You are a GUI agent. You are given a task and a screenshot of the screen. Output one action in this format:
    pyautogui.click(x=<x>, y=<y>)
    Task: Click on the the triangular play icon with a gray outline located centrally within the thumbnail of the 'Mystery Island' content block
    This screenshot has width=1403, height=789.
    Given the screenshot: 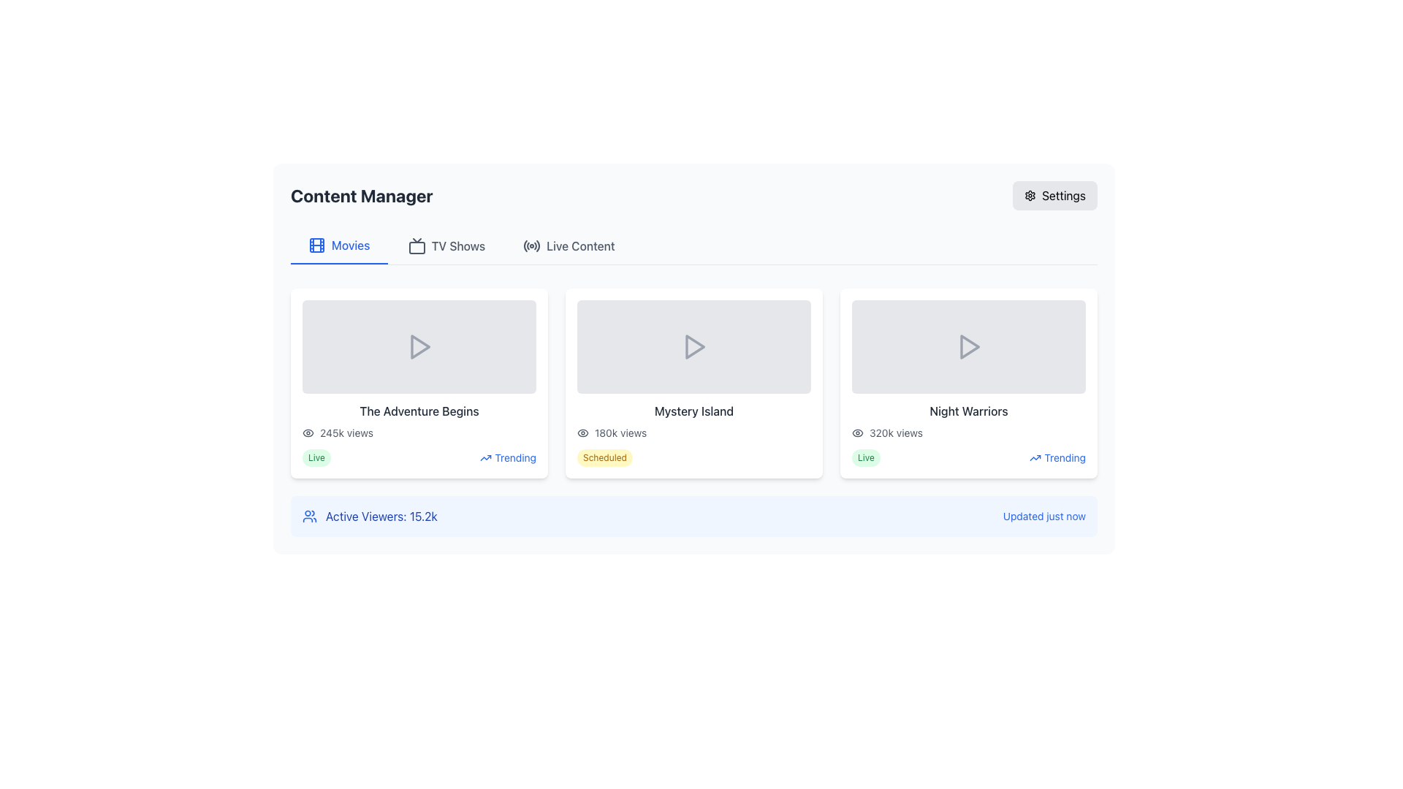 What is the action you would take?
    pyautogui.click(x=694, y=346)
    